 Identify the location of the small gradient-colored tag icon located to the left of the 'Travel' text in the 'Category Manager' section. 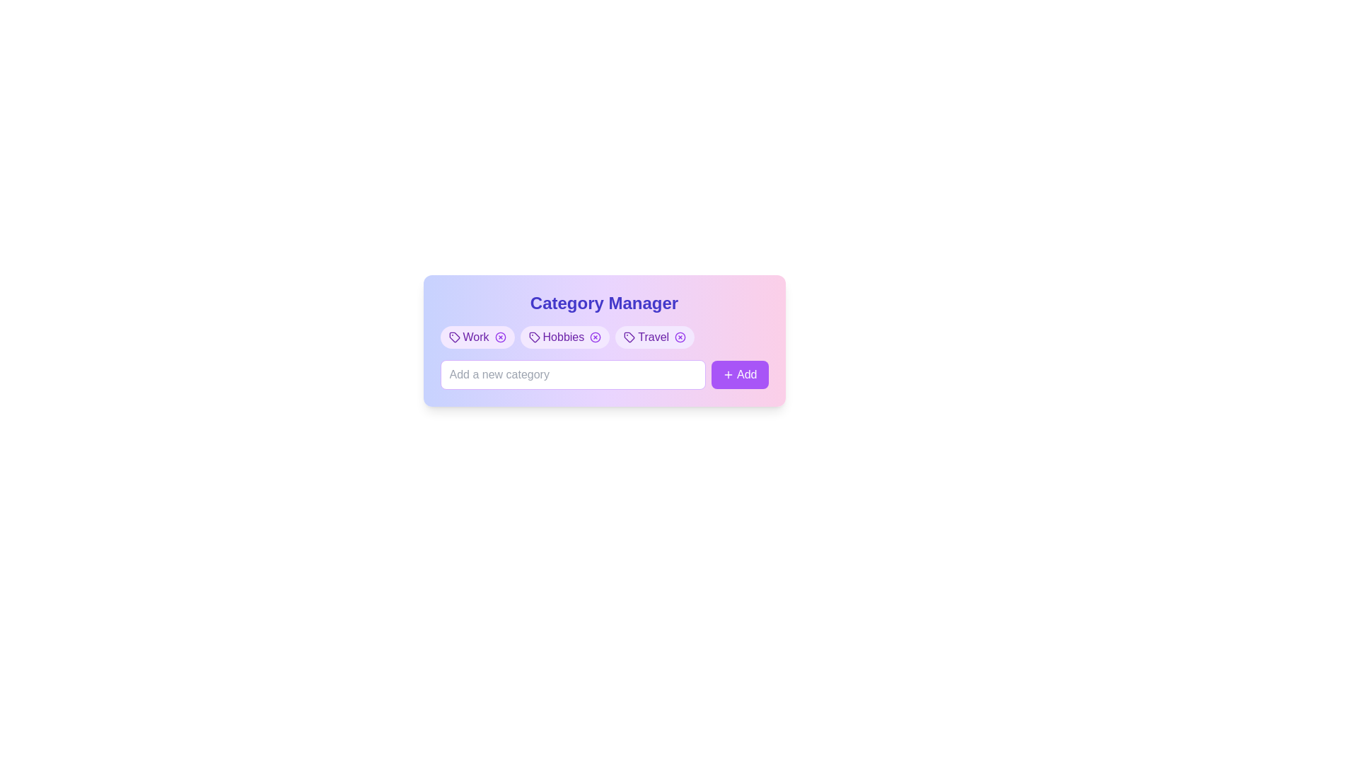
(629, 337).